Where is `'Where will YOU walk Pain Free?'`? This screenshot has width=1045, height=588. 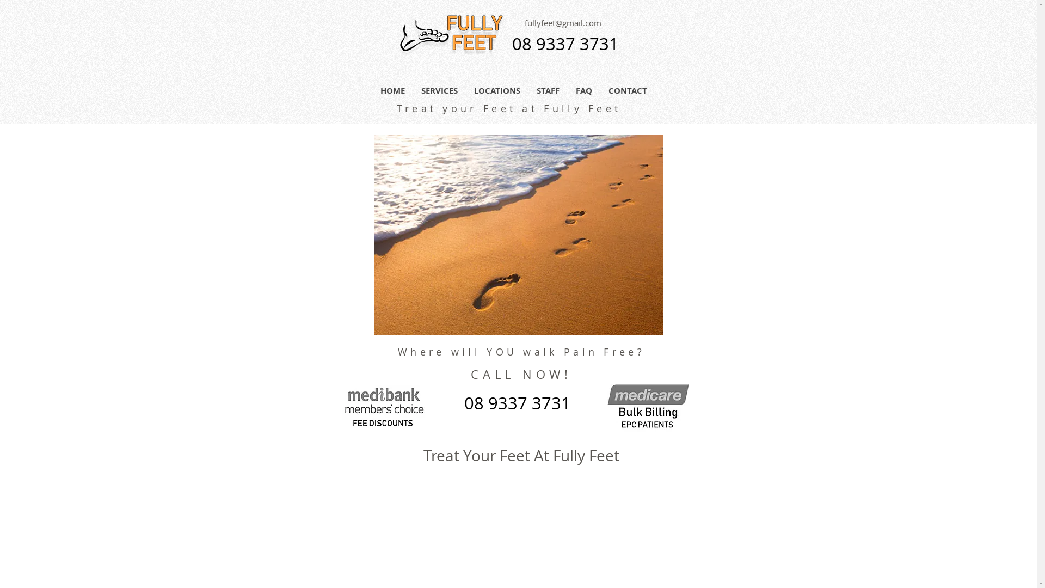
'Where will YOU walk Pain Free?' is located at coordinates (521, 351).